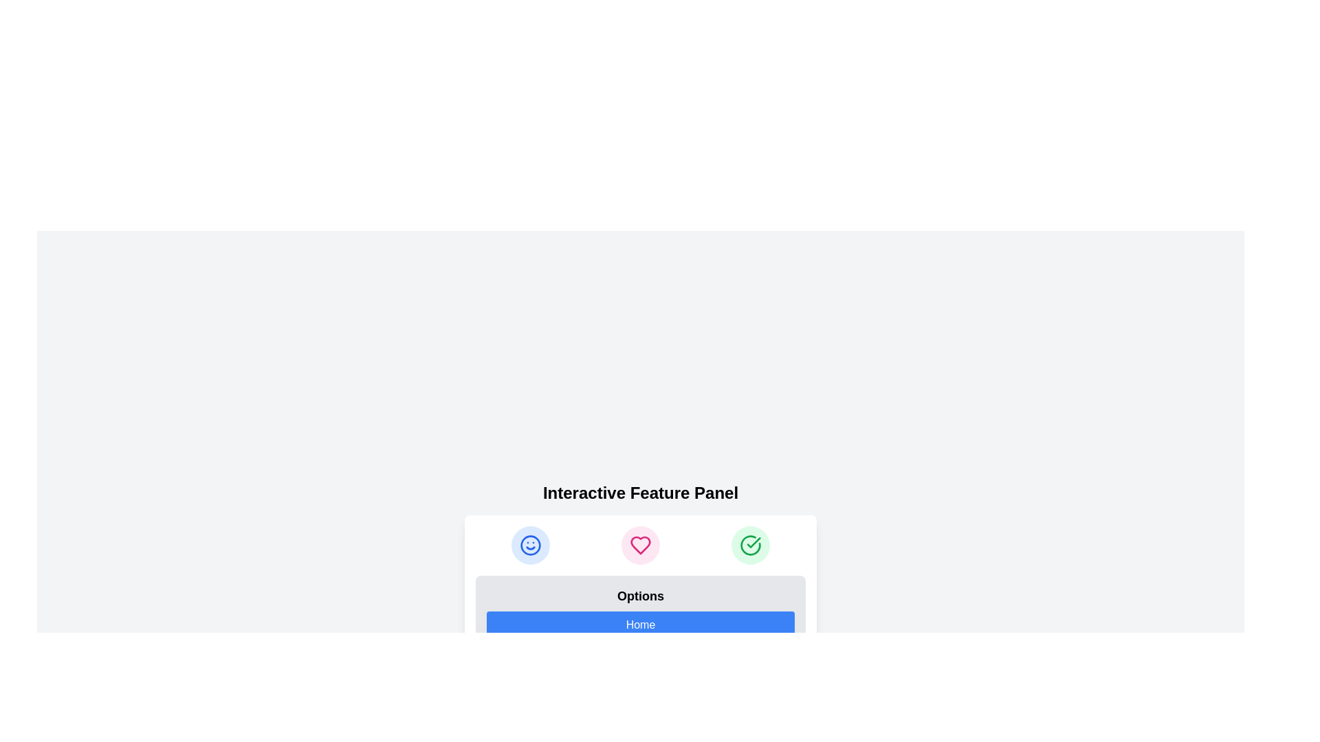 The width and height of the screenshot is (1320, 742). Describe the element at coordinates (639, 595) in the screenshot. I see `the 'Options' text label which is prominently displayed at the top of a section with a light gray background and rounded corners` at that location.